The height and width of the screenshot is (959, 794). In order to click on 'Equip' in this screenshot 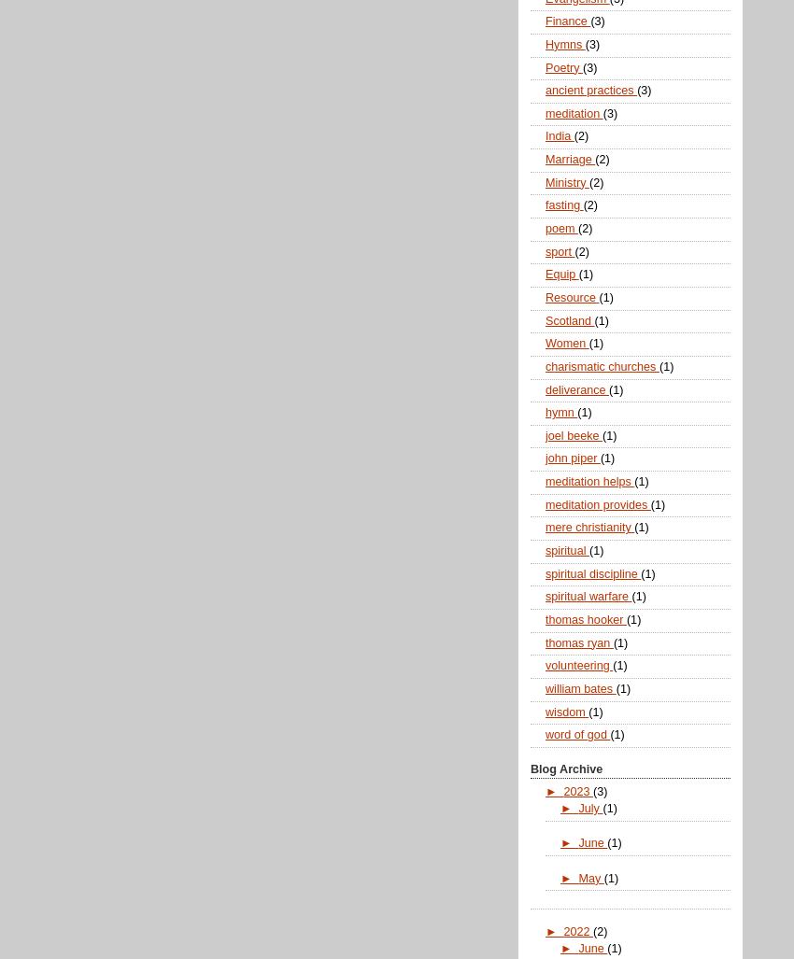, I will do `click(560, 274)`.